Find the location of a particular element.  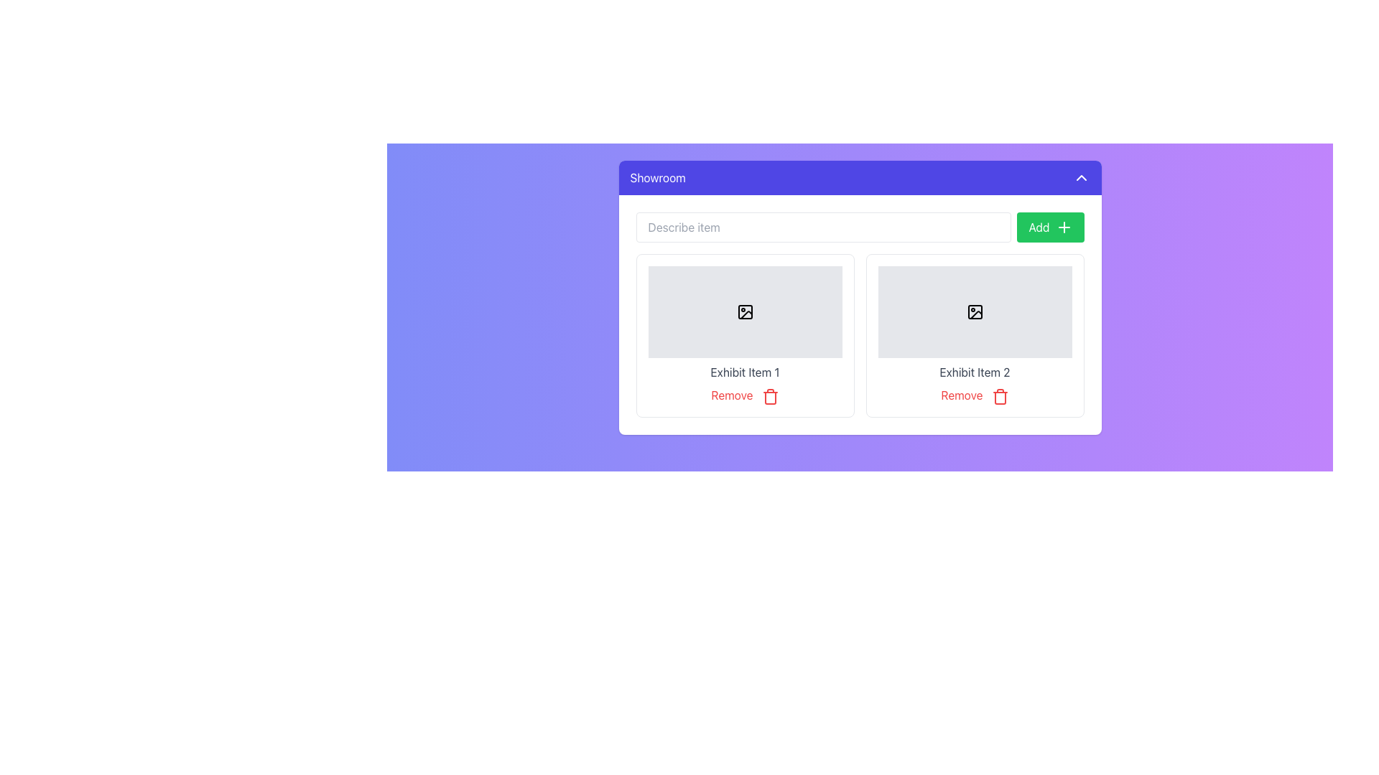

the 'Remove' button with red text and trash can icon located at the bottom-right corner of the 'Exhibit Item 2' card to observe the hover color change is located at coordinates (975, 395).